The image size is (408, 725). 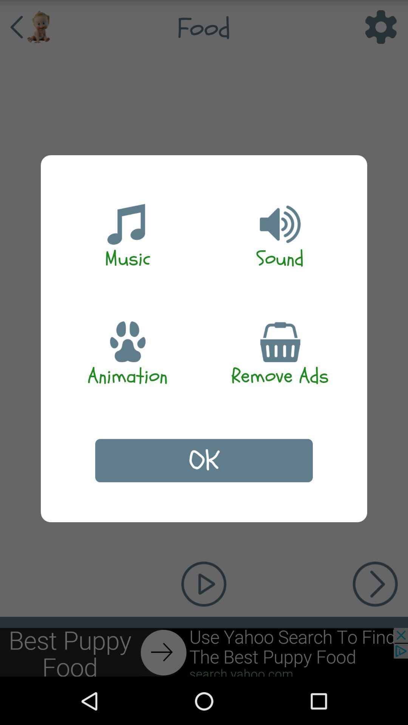 I want to click on ok button, so click(x=204, y=460).